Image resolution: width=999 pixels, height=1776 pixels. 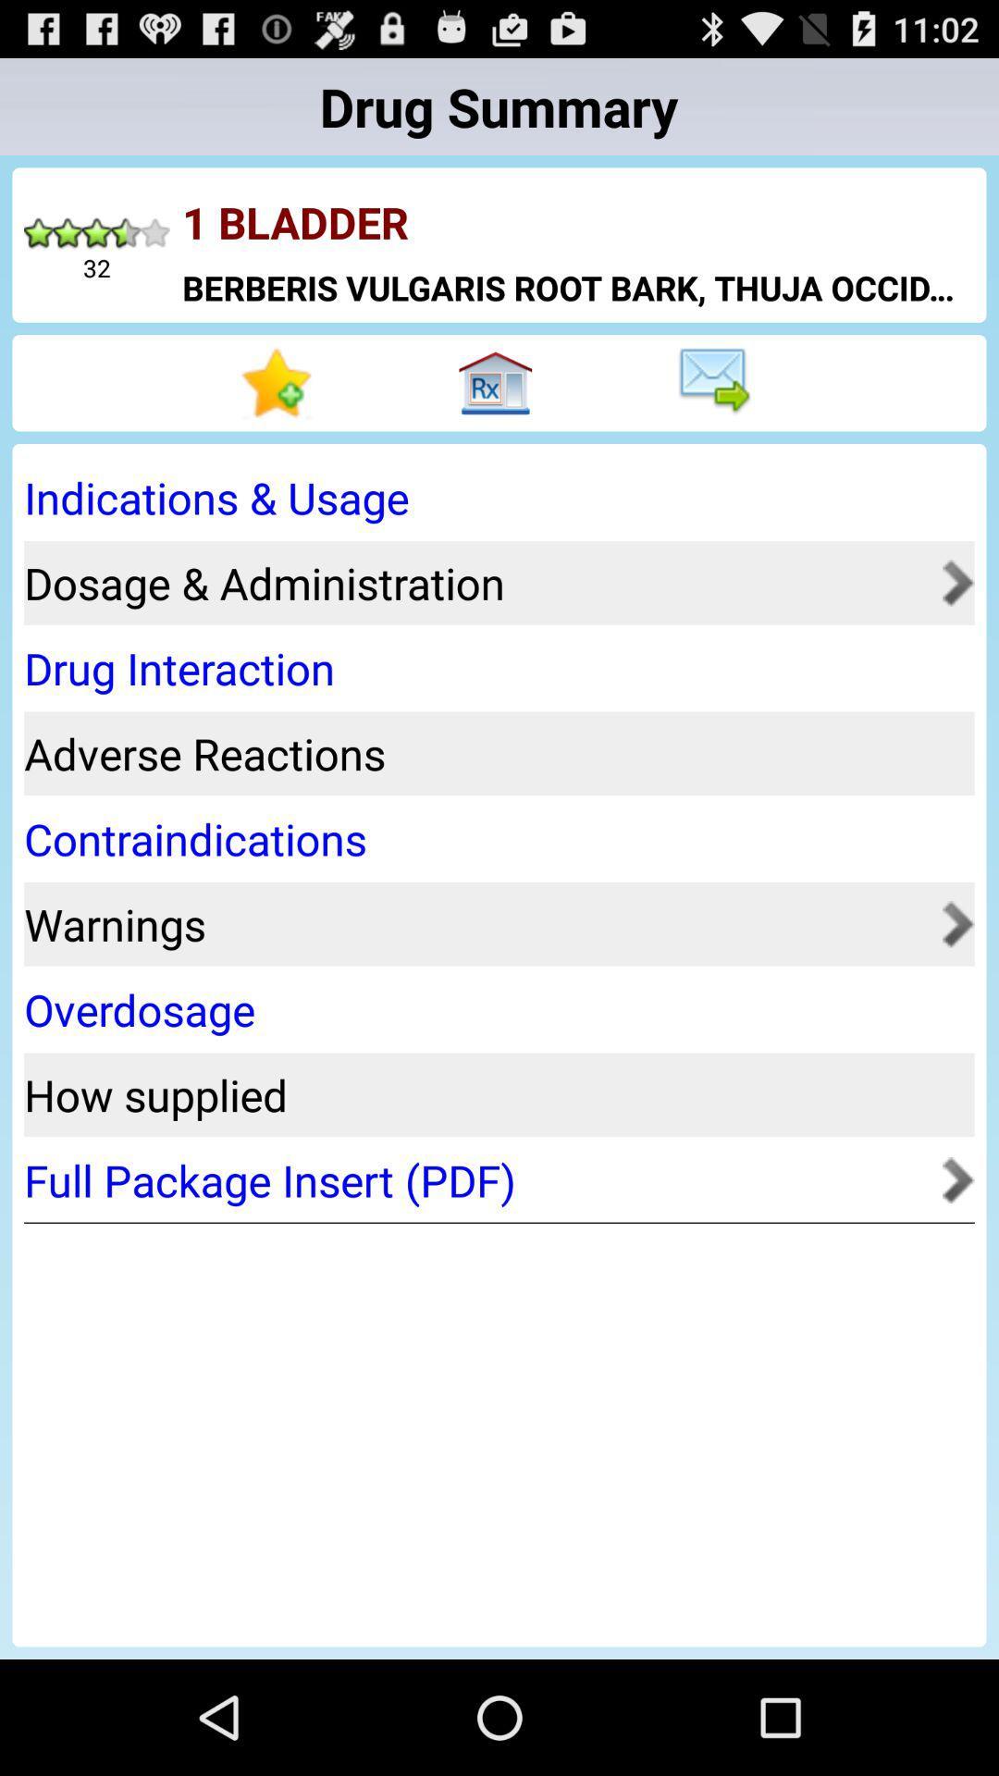 I want to click on contraindications app, so click(x=492, y=838).